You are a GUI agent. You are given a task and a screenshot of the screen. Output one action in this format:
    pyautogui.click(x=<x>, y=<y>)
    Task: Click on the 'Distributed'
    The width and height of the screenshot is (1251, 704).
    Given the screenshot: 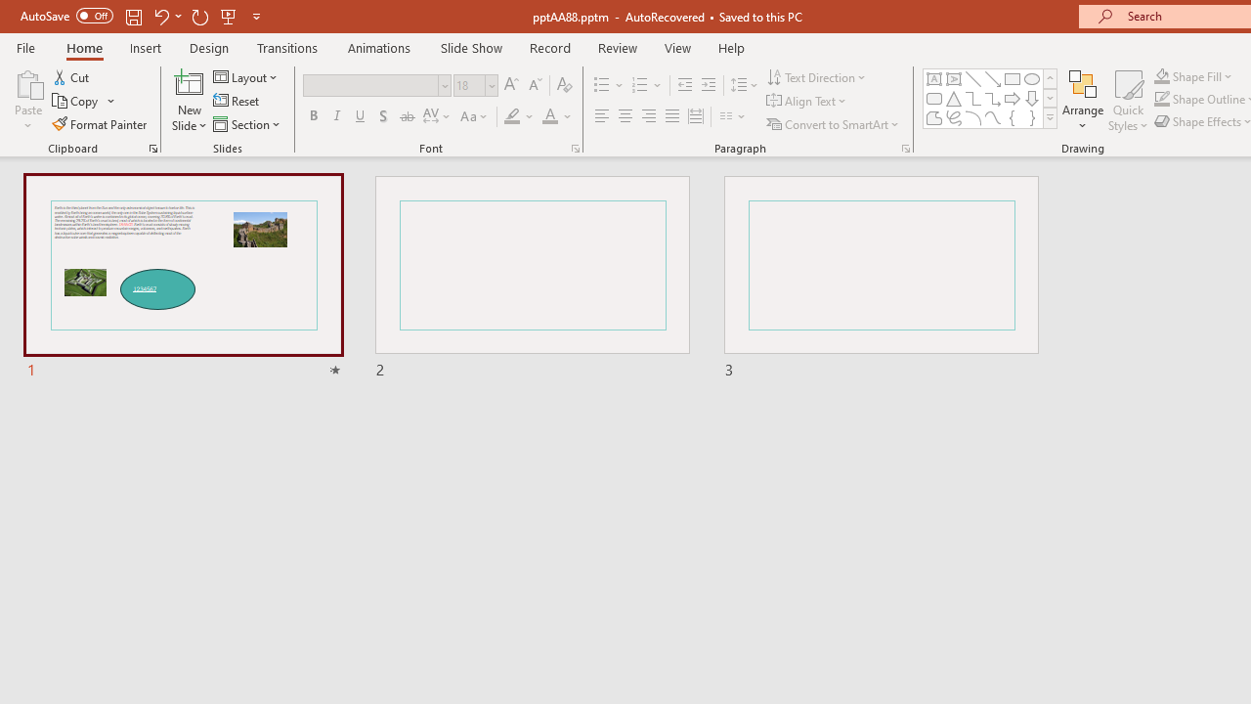 What is the action you would take?
    pyautogui.click(x=696, y=116)
    